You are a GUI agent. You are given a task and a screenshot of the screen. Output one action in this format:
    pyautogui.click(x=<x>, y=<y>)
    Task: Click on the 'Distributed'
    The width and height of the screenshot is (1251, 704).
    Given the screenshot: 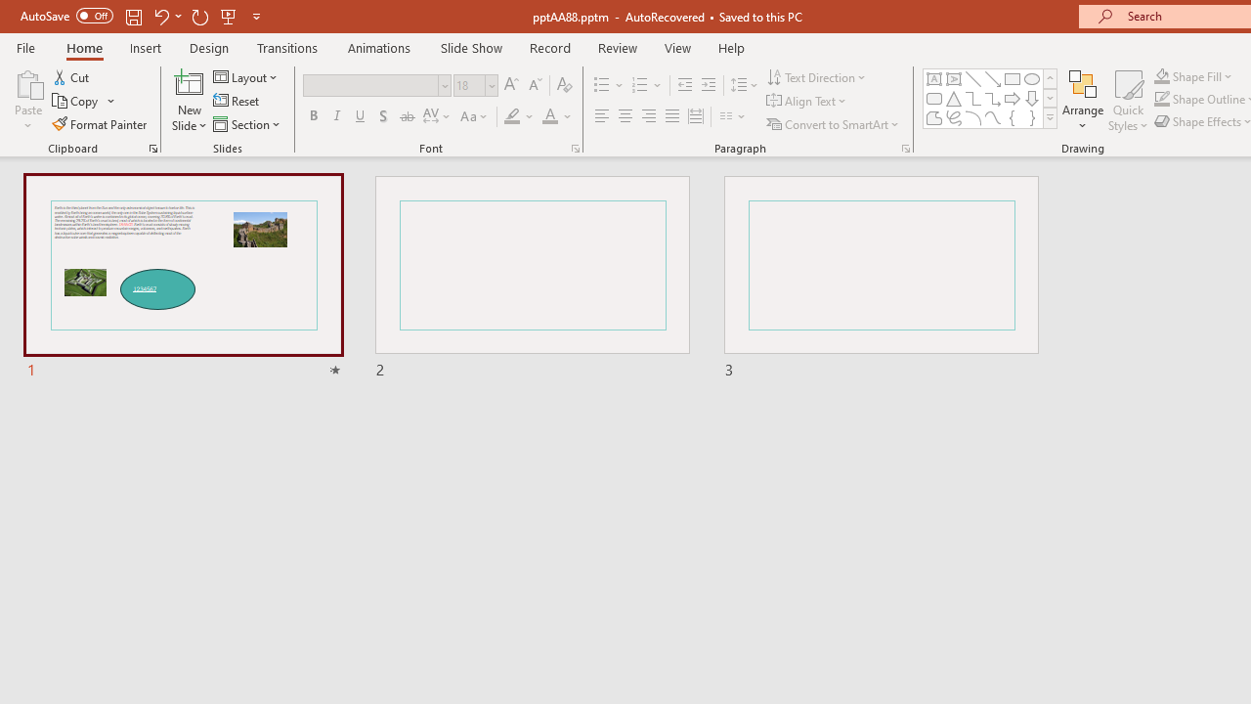 What is the action you would take?
    pyautogui.click(x=696, y=116)
    